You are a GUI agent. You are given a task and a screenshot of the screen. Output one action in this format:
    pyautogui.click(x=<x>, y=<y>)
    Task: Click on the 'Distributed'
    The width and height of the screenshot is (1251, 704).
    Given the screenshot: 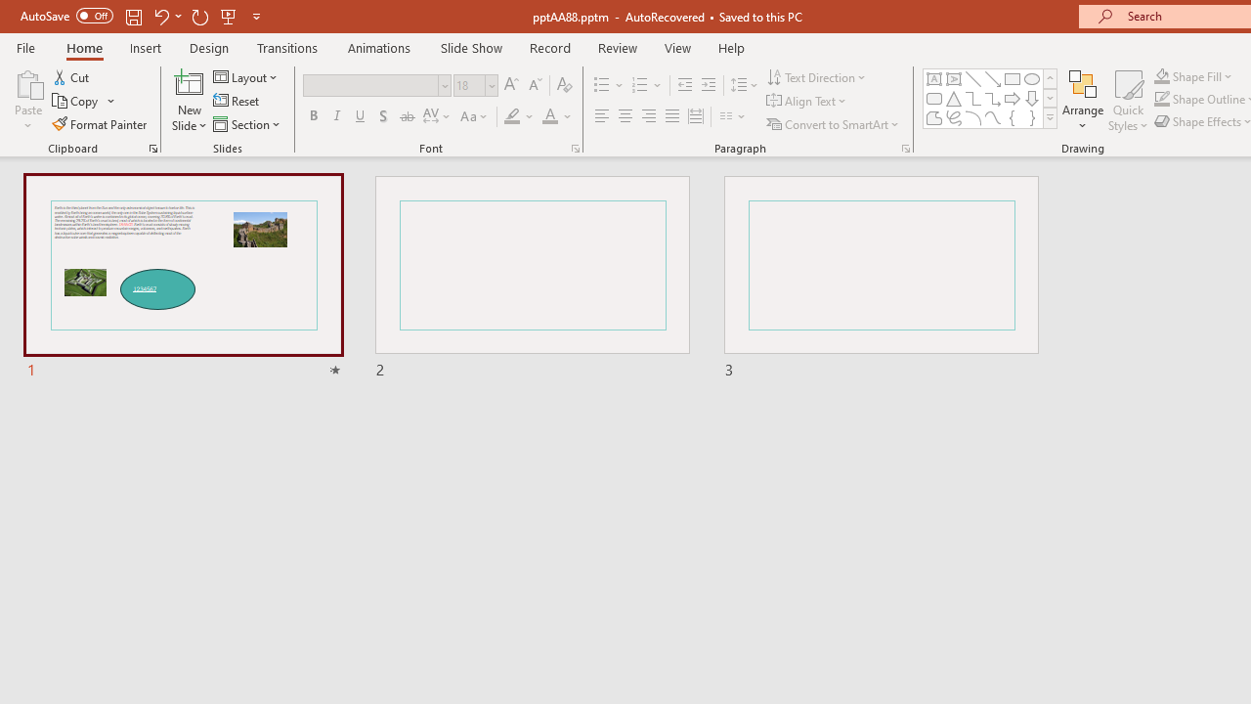 What is the action you would take?
    pyautogui.click(x=696, y=116)
    